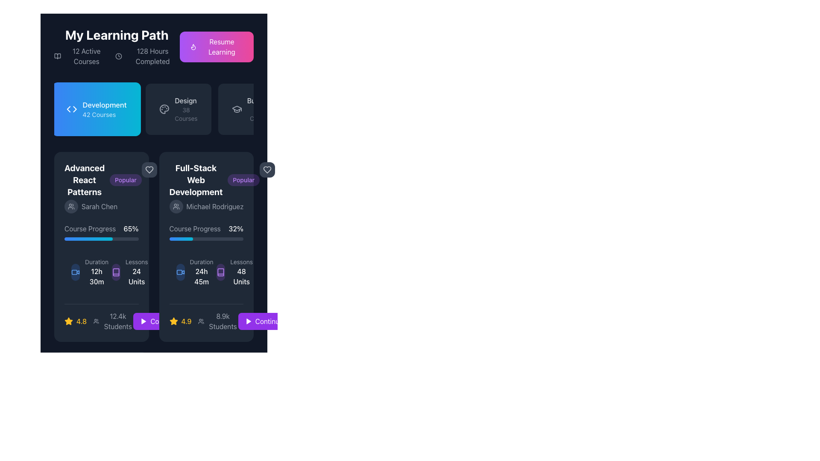 The image size is (820, 461). I want to click on the Text Label displaying '8.9k Students', which is located at the bottom of the 'Full-Stack Web Development' course card, below the rating stars and next to the 'Continue' button, so click(223, 321).